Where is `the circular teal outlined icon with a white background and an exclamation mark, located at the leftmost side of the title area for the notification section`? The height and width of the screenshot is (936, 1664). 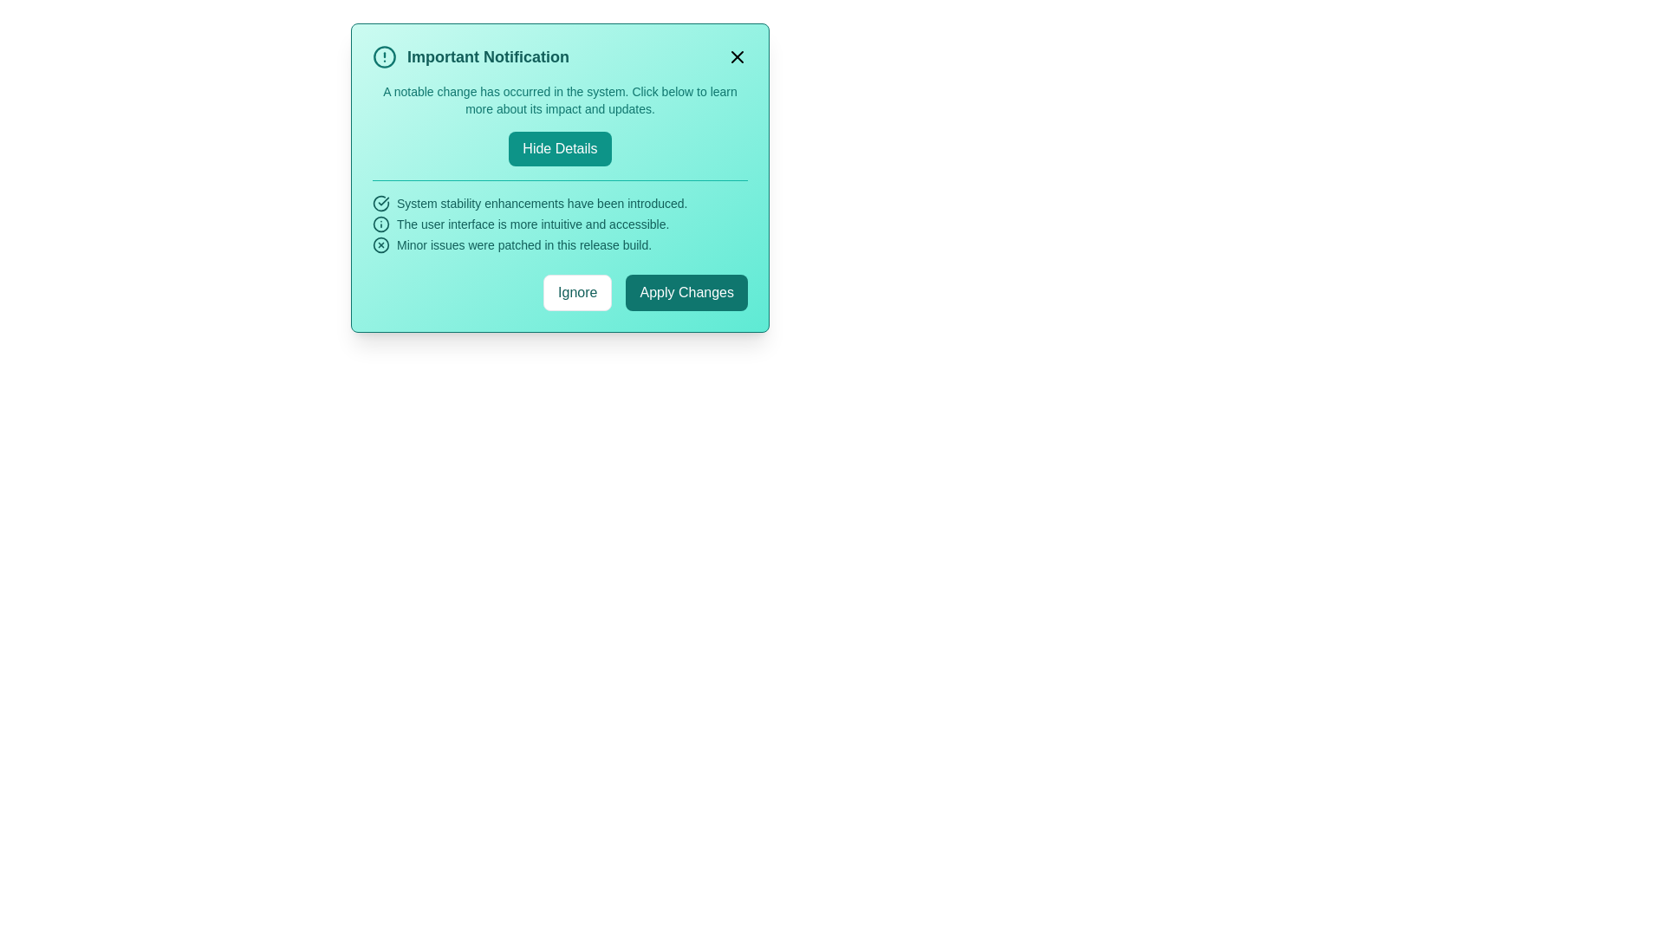
the circular teal outlined icon with a white background and an exclamation mark, located at the leftmost side of the title area for the notification section is located at coordinates (384, 55).